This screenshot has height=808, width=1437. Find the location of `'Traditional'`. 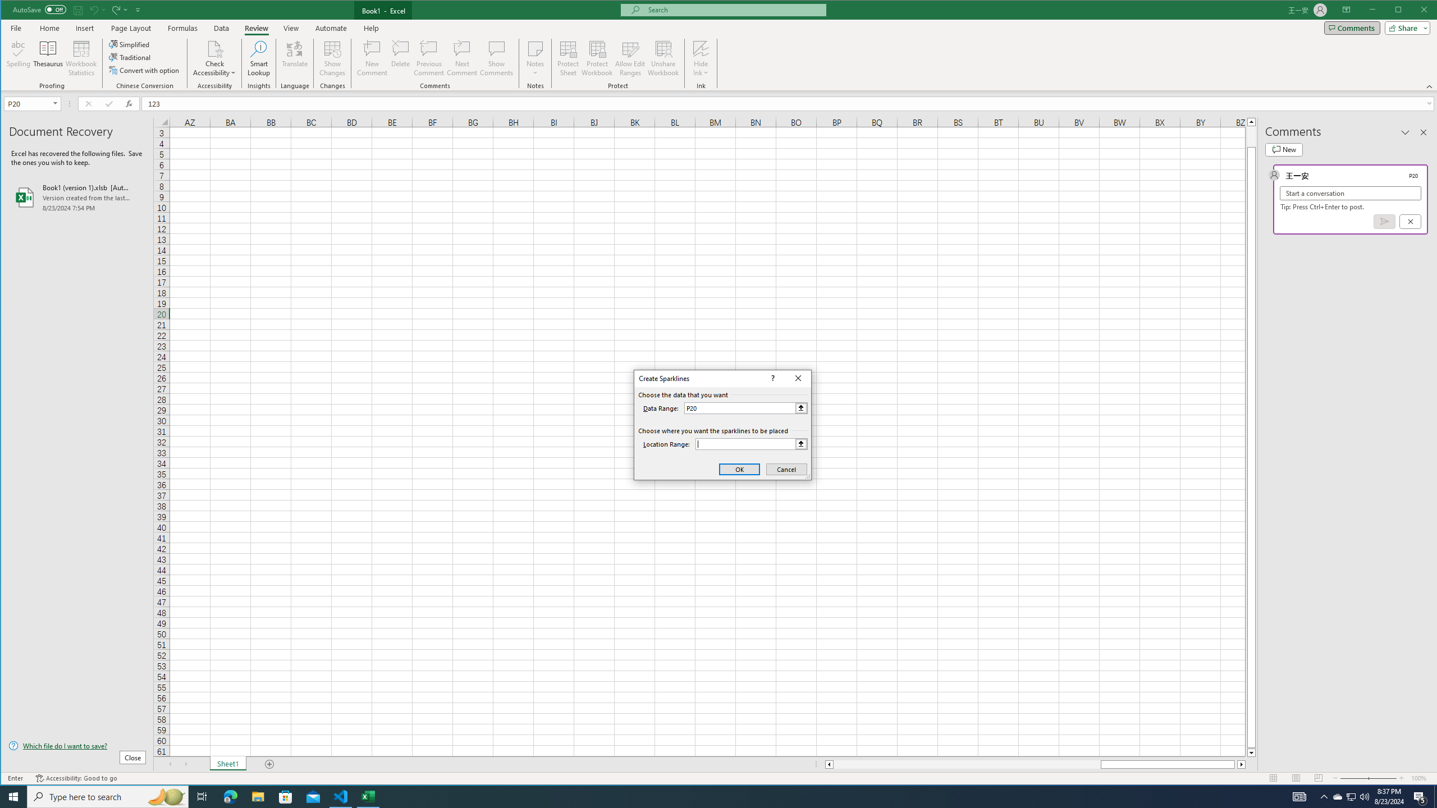

'Traditional' is located at coordinates (130, 57).